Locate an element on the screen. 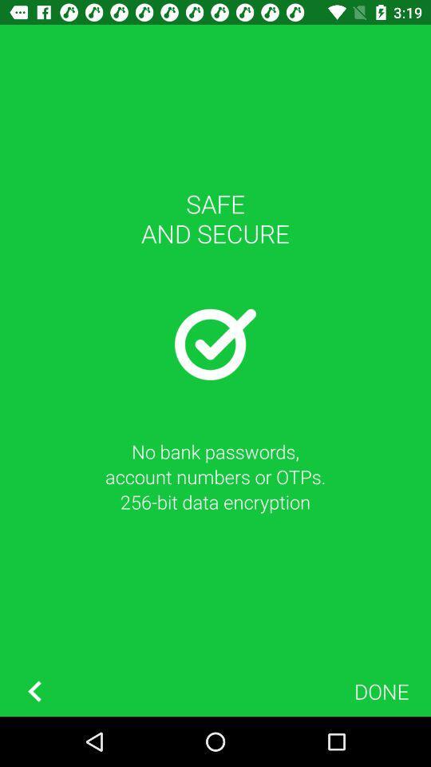  icon below no bank passwords item is located at coordinates (381, 690).